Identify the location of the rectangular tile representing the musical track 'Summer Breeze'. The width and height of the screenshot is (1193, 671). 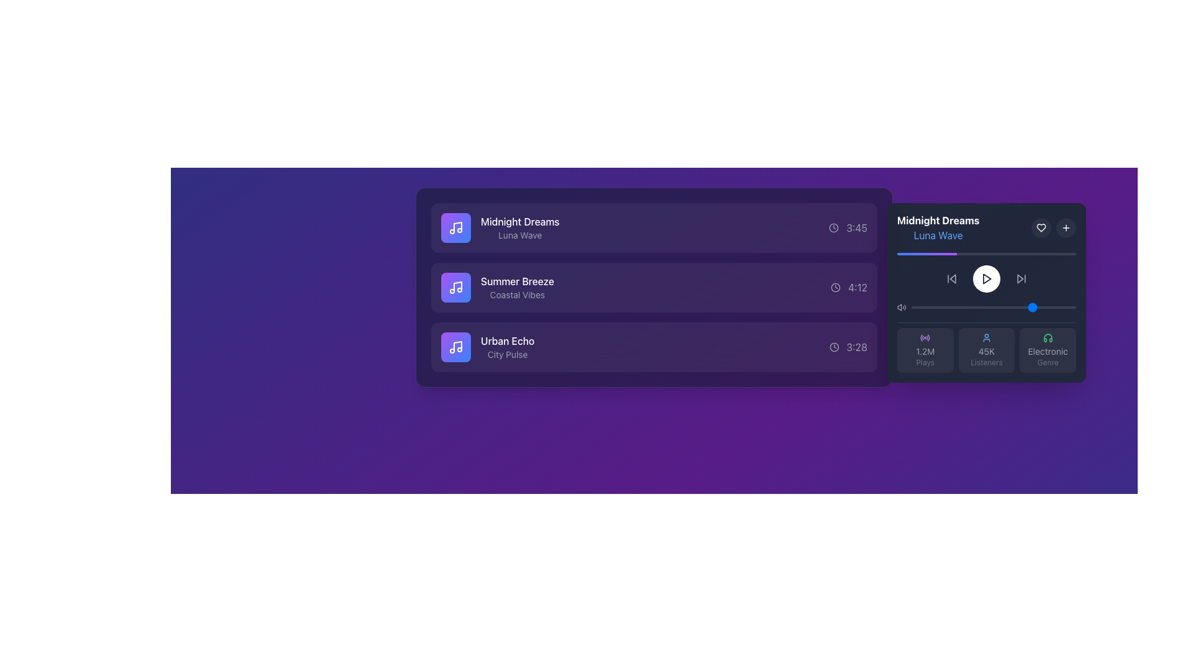
(653, 287).